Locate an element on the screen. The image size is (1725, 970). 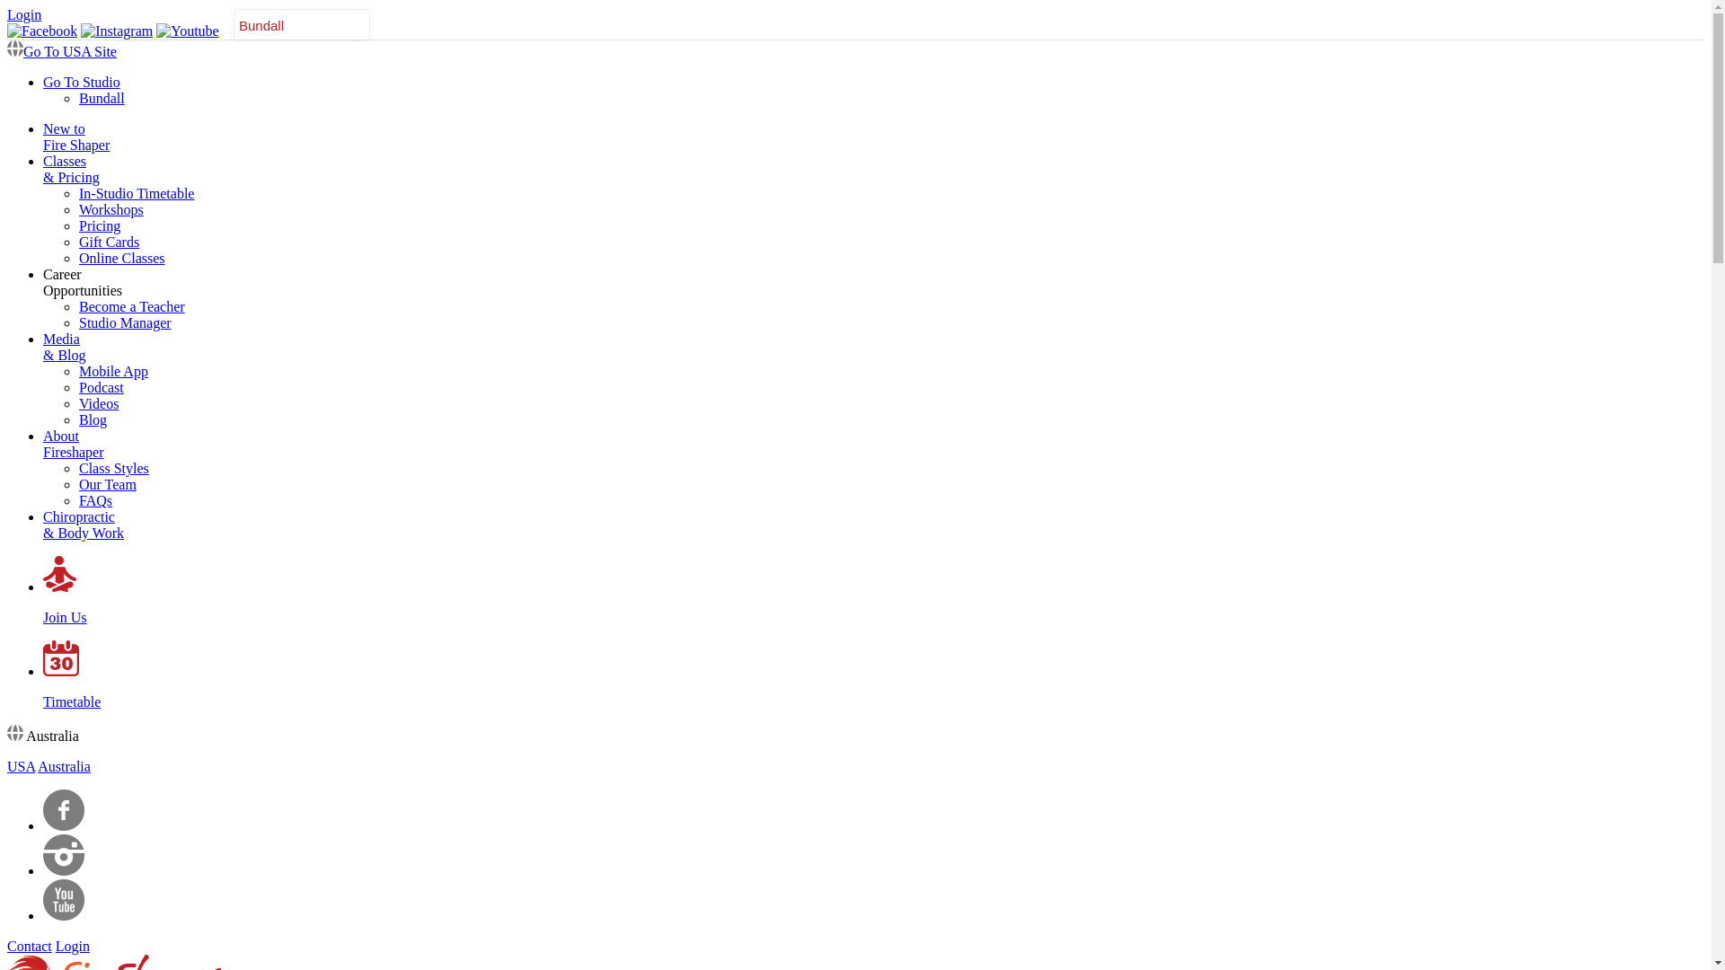
'Online Classes' is located at coordinates (120, 258).